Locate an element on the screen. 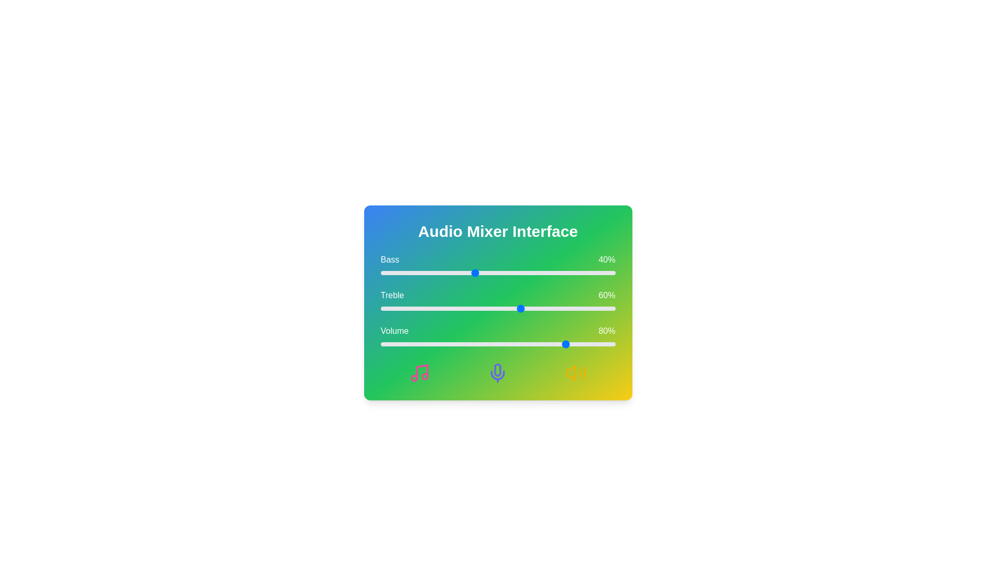 The image size is (1006, 566). the Treble slider to 1% is located at coordinates (382, 308).